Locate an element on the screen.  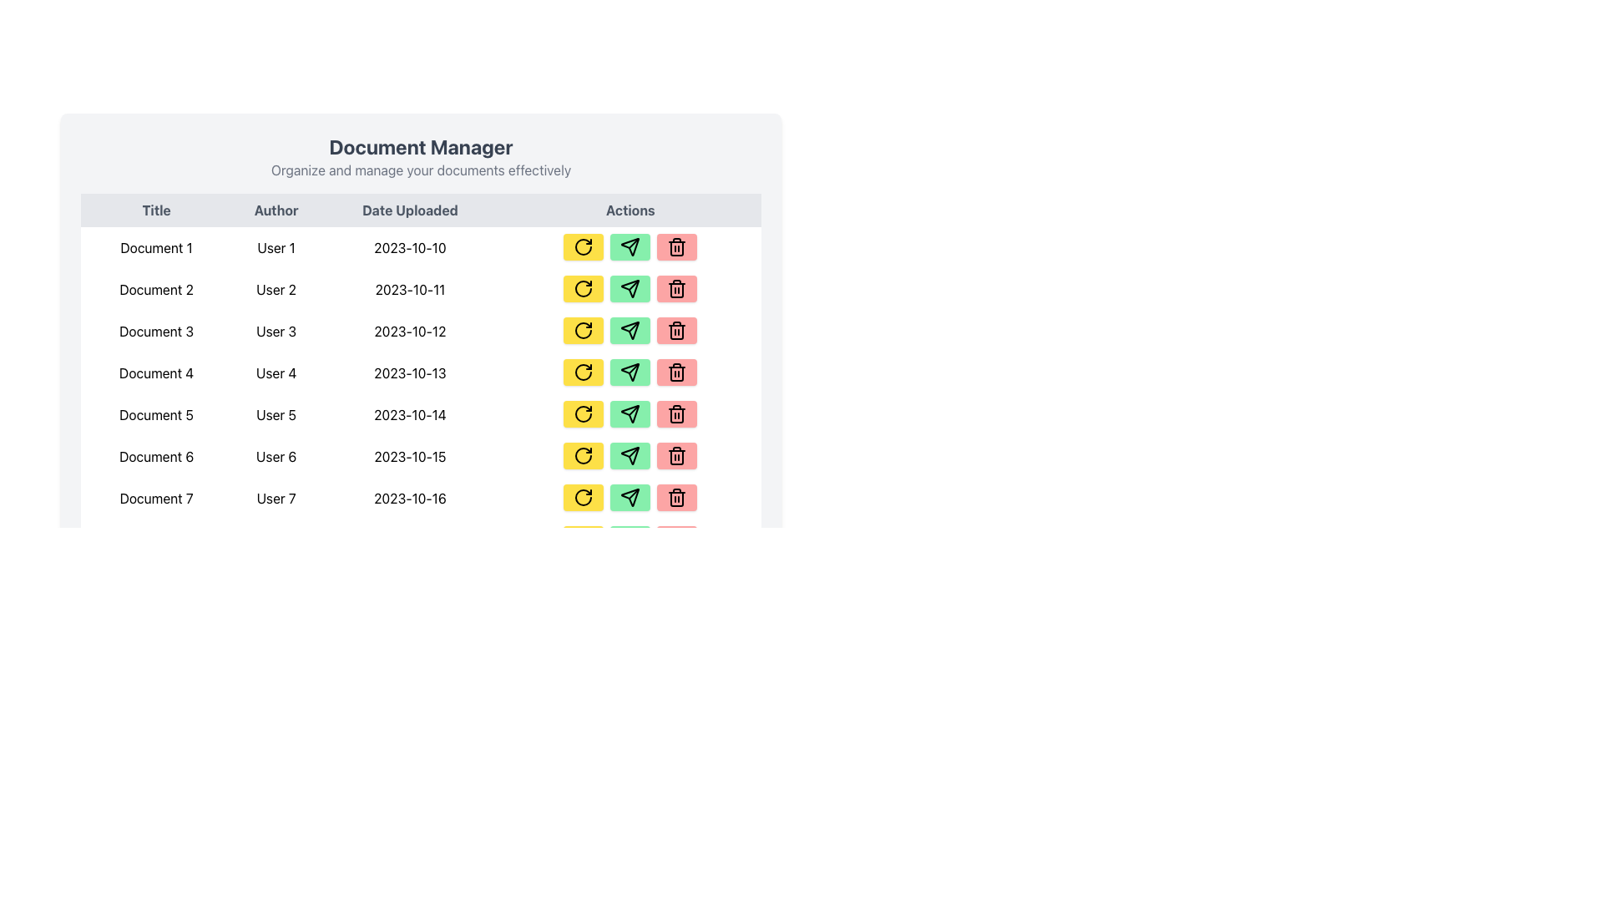
the paper airplane icon button located in the 'Actions' column for 'Document 3' uploaded on '2023-10-12' is located at coordinates (630, 331).